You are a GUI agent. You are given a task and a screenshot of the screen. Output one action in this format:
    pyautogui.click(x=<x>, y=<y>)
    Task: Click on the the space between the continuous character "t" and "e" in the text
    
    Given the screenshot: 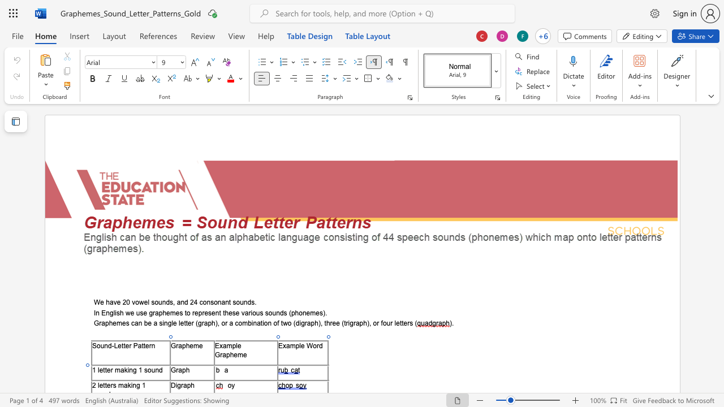 What is the action you would take?
    pyautogui.click(x=107, y=370)
    